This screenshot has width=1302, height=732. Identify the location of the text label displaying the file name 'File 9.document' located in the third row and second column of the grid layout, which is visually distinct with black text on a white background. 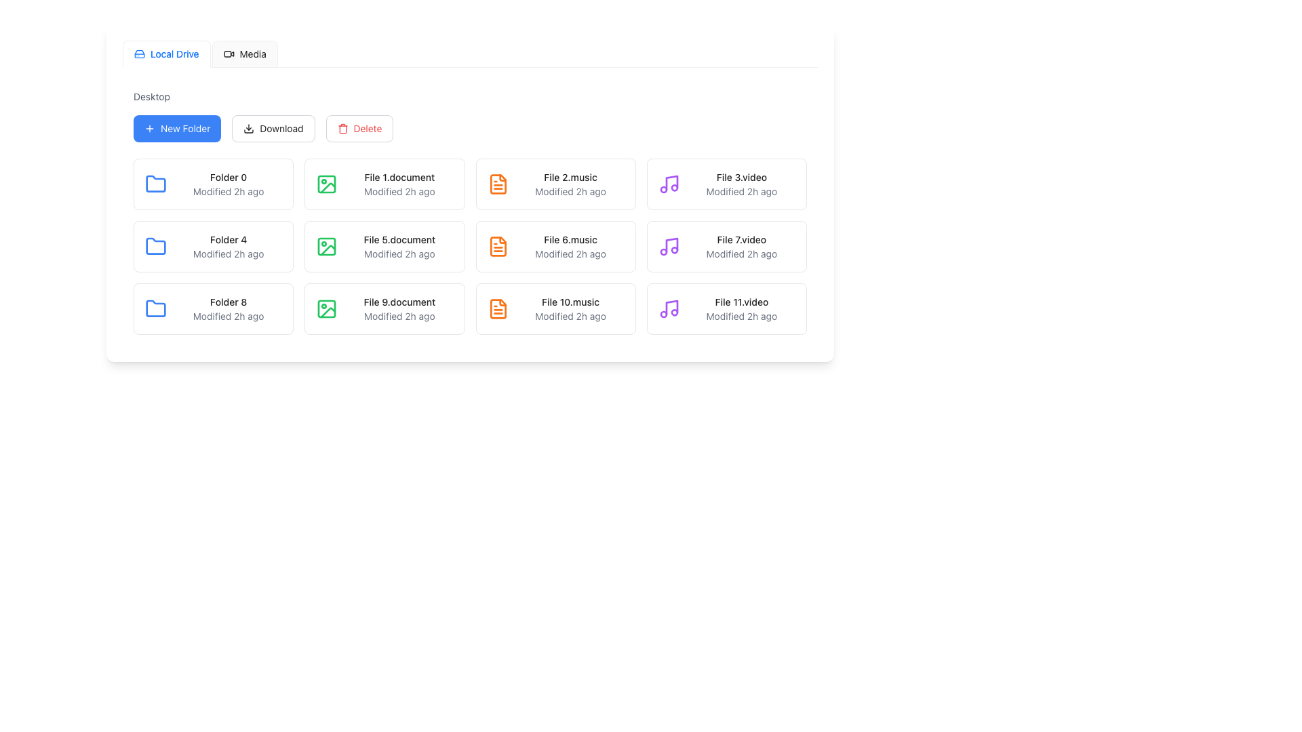
(399, 302).